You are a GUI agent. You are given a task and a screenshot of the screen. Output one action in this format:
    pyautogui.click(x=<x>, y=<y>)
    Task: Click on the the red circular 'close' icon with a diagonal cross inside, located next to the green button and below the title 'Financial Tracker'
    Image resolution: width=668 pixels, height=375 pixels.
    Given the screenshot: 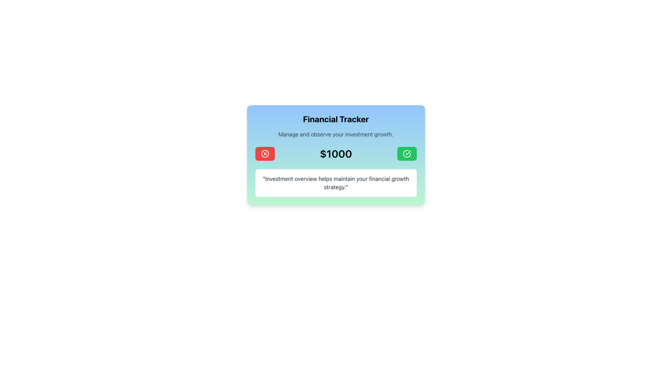 What is the action you would take?
    pyautogui.click(x=264, y=153)
    